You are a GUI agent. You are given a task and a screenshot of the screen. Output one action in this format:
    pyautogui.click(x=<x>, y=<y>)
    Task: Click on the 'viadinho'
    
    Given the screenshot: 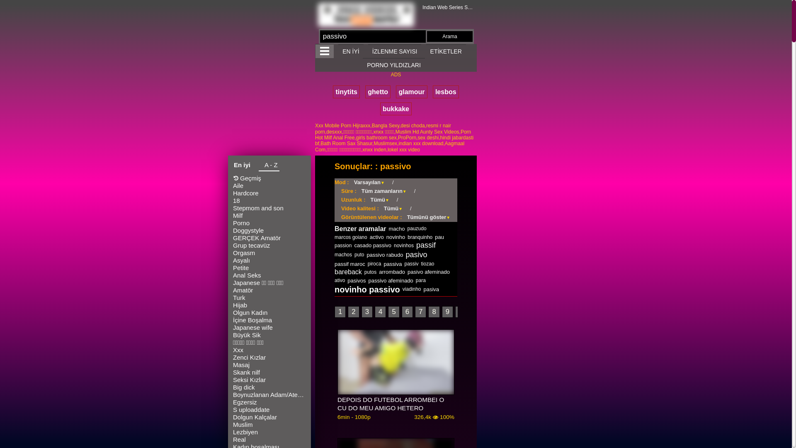 What is the action you would take?
    pyautogui.click(x=412, y=289)
    